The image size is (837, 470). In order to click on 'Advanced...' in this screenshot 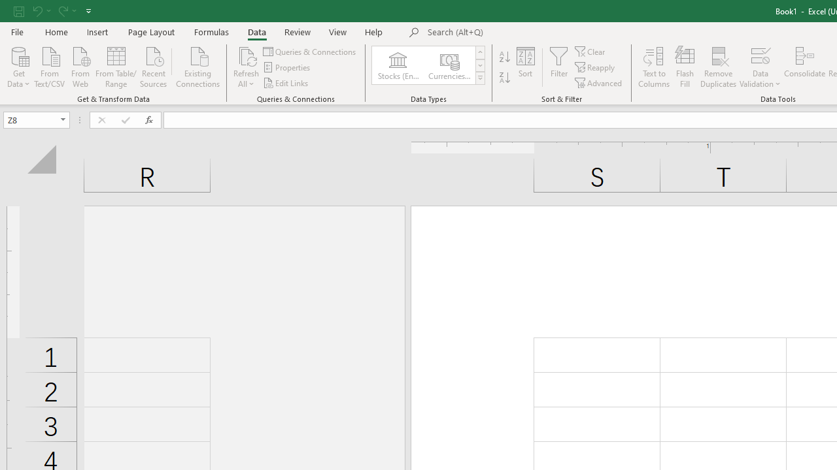, I will do `click(598, 83)`.